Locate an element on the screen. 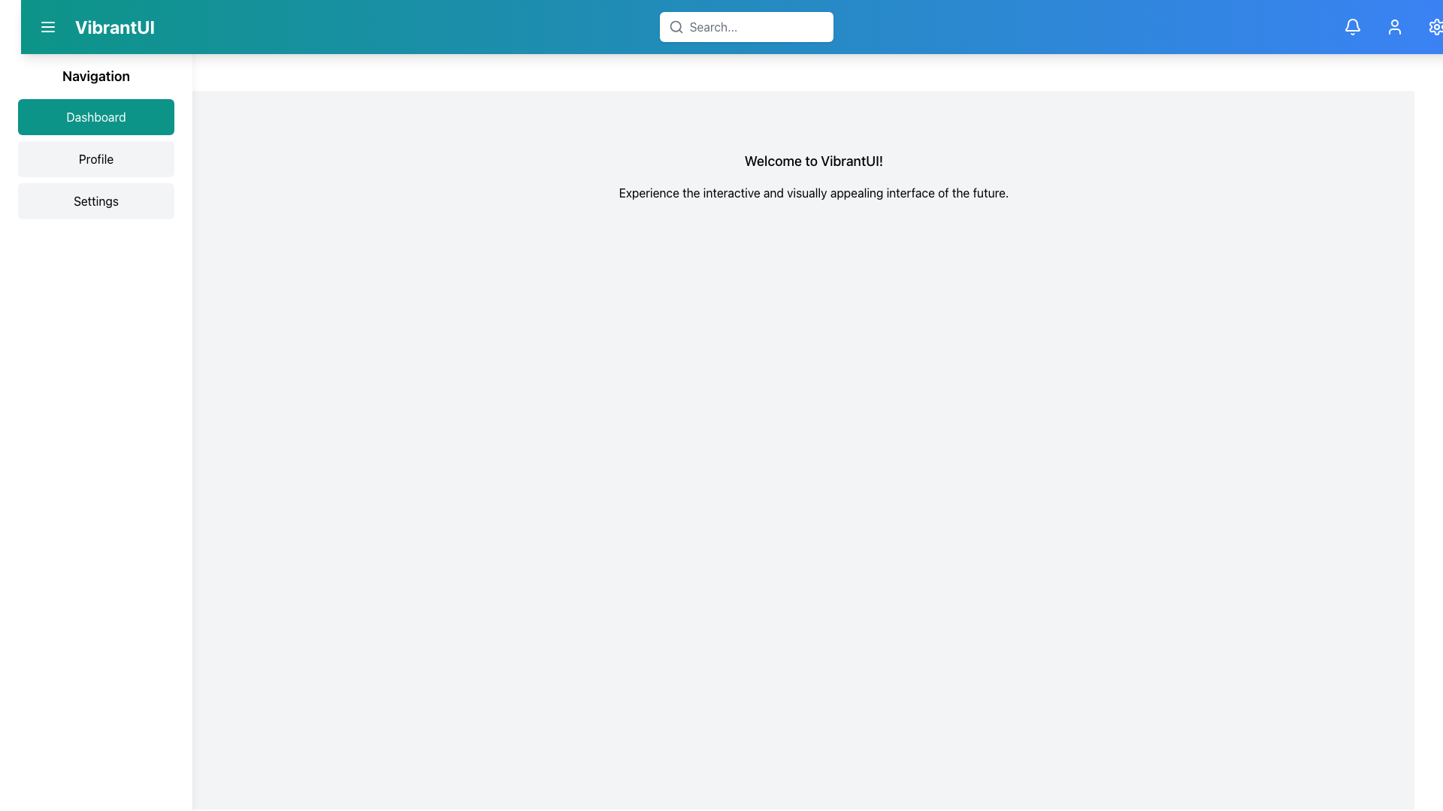 The image size is (1443, 811). the 'VibrantUI' branding logo in the upper-left corner of the navigation bar is located at coordinates (93, 26).